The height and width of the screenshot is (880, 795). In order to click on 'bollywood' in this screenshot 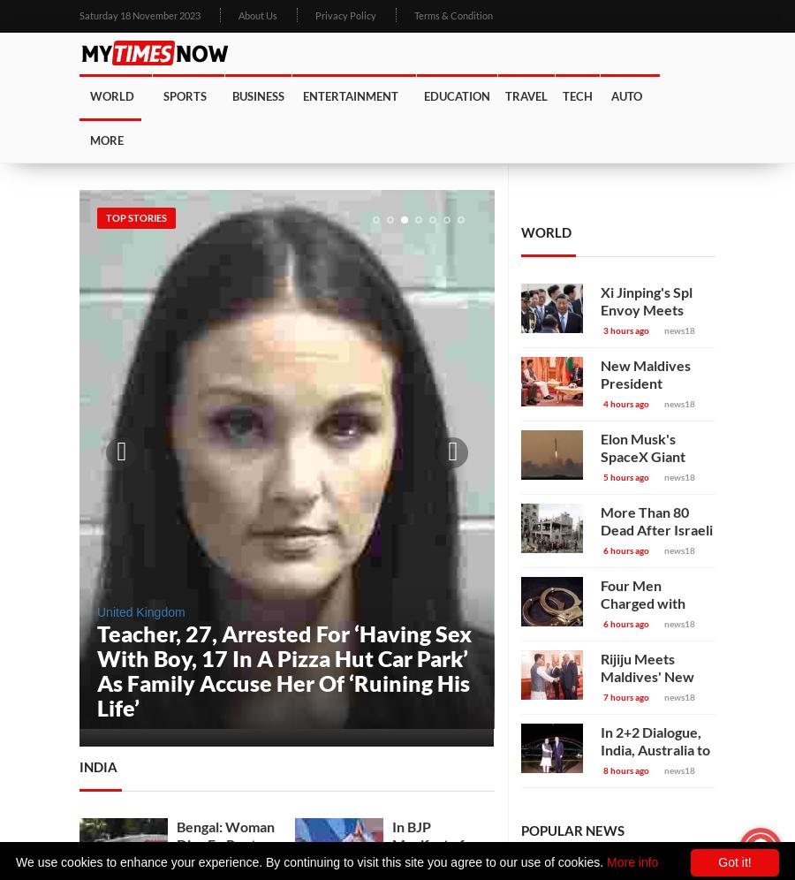, I will do `click(341, 181)`.